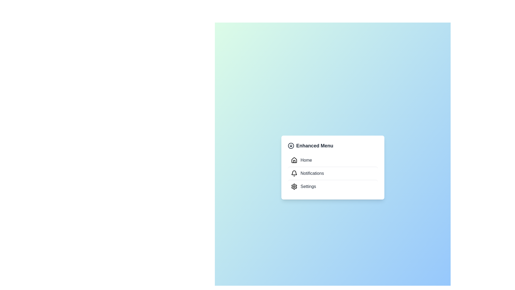 The width and height of the screenshot is (515, 290). What do you see at coordinates (332, 146) in the screenshot?
I see `the title text 'Enhanced Menu' to read it` at bounding box center [332, 146].